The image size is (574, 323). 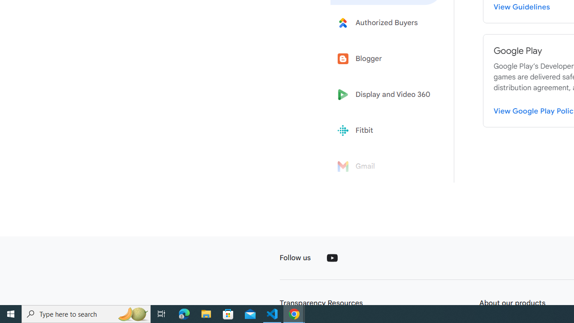 What do you see at coordinates (387, 95) in the screenshot?
I see `'Display and Video 360'` at bounding box center [387, 95].